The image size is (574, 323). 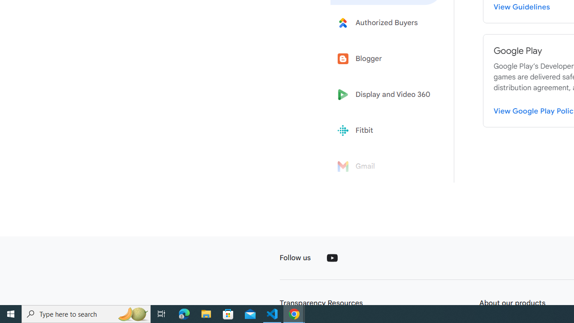 What do you see at coordinates (387, 95) in the screenshot?
I see `'Display and Video 360'` at bounding box center [387, 95].